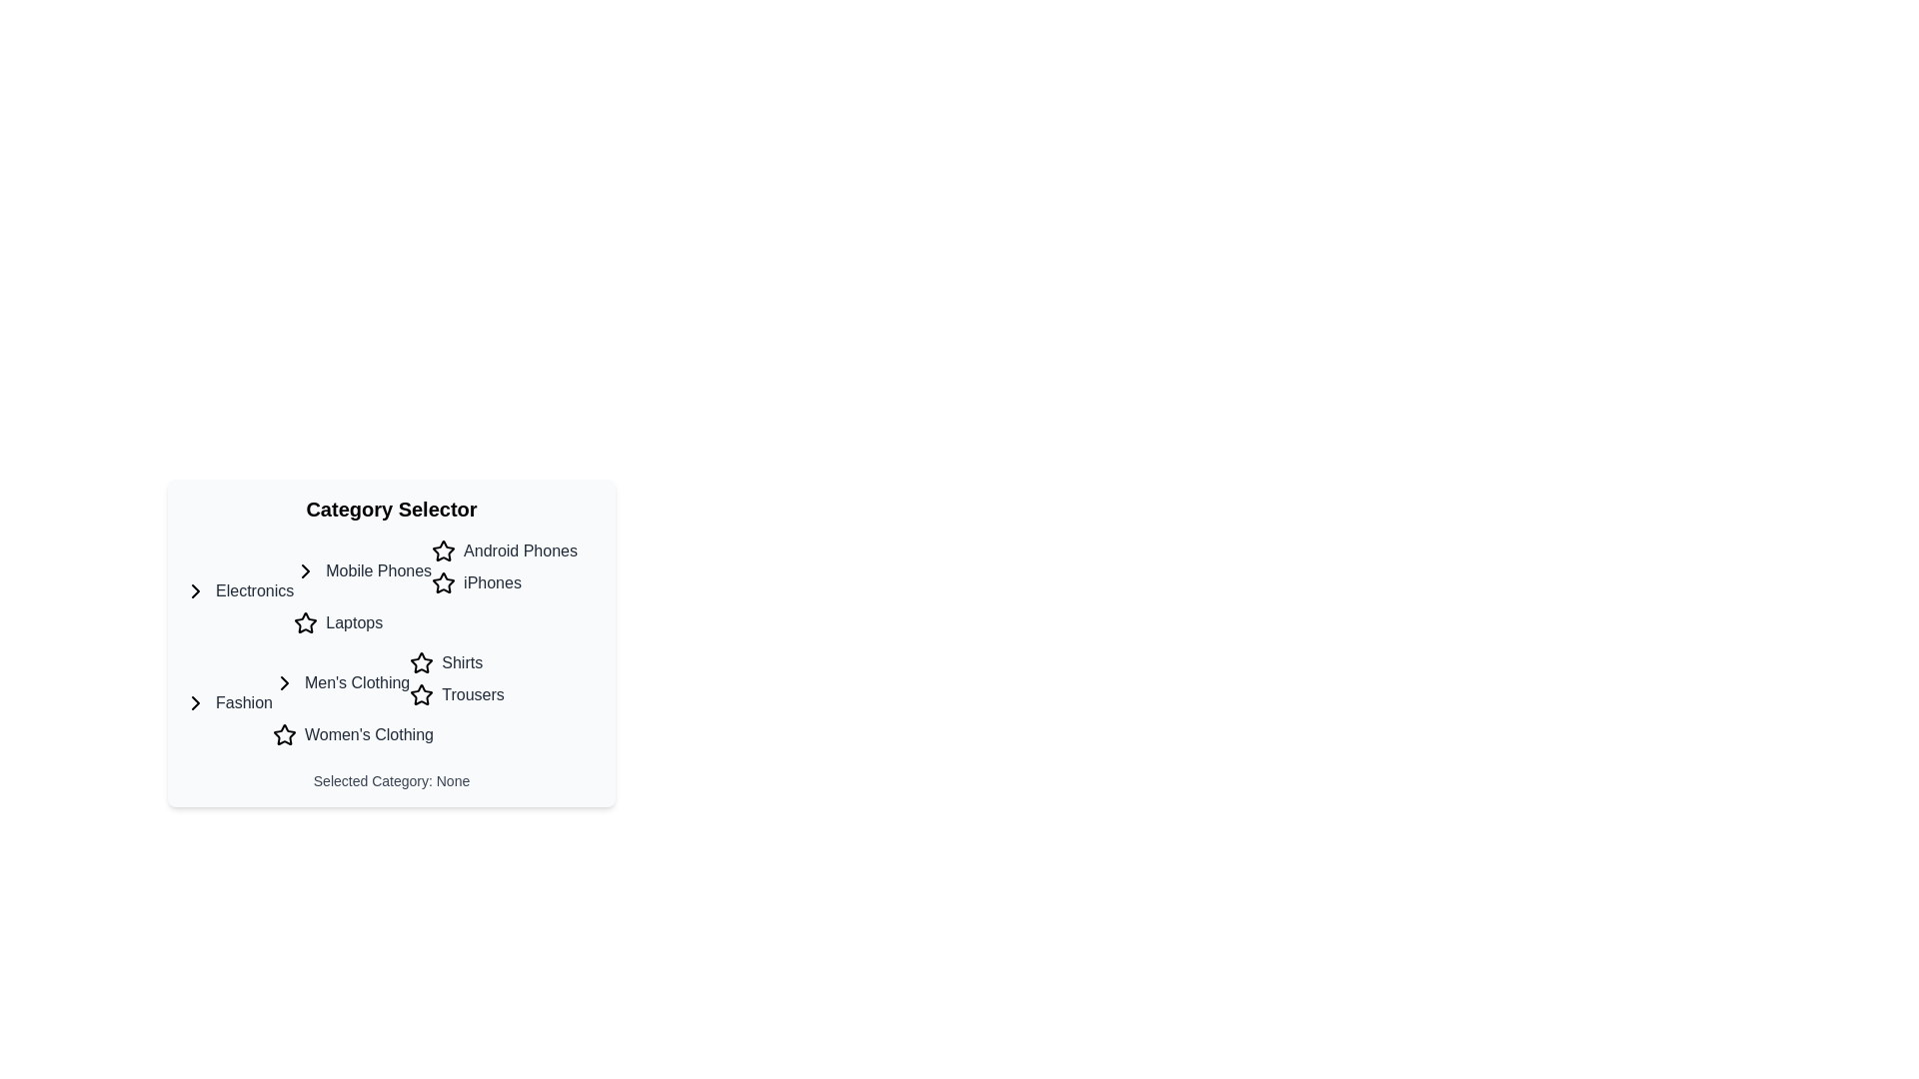 The width and height of the screenshot is (1919, 1079). What do you see at coordinates (521, 550) in the screenshot?
I see `the 'Android Phones' text link located in the 'Category Selector' under the 'Mobile Phones' section` at bounding box center [521, 550].